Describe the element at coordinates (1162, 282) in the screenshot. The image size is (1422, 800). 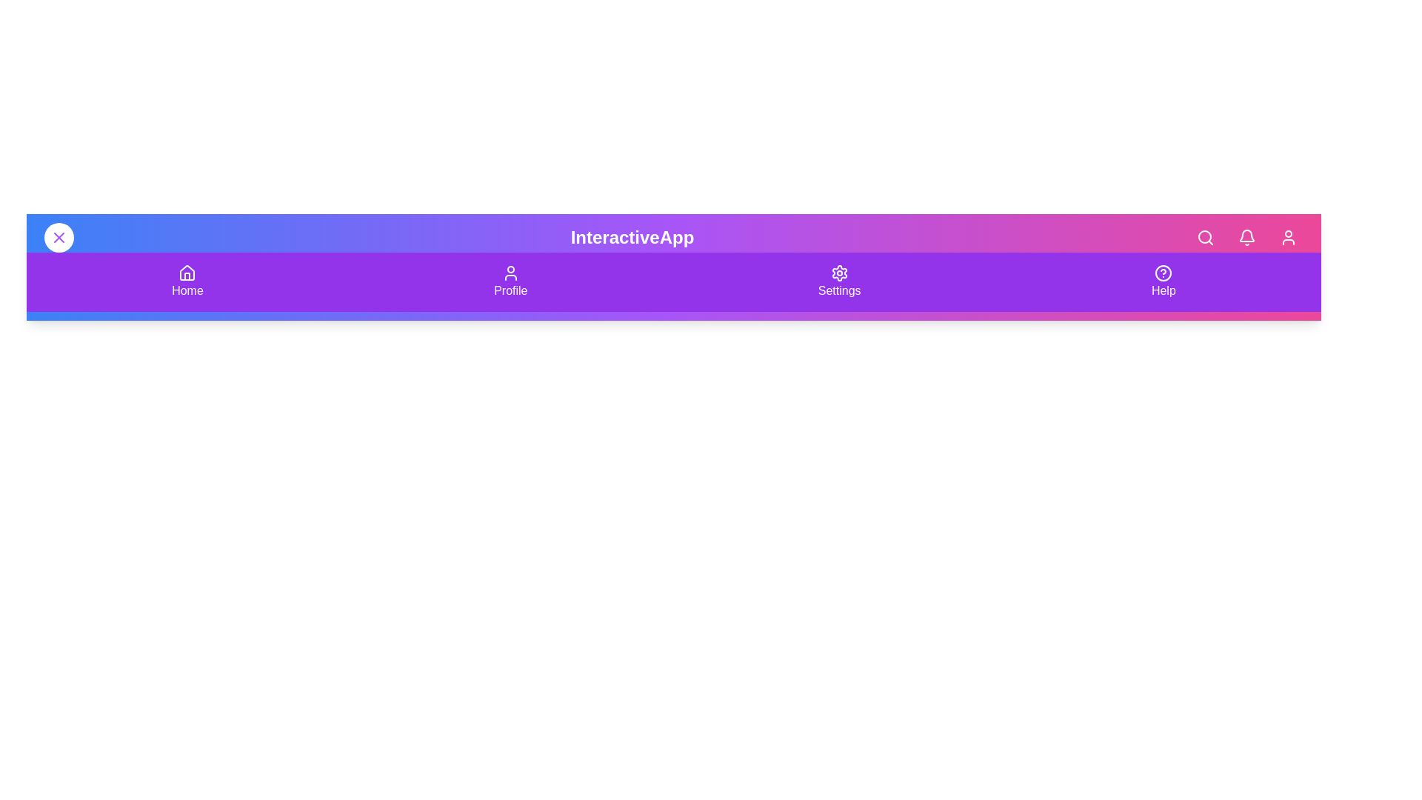
I see `the navigation menu item Help` at that location.